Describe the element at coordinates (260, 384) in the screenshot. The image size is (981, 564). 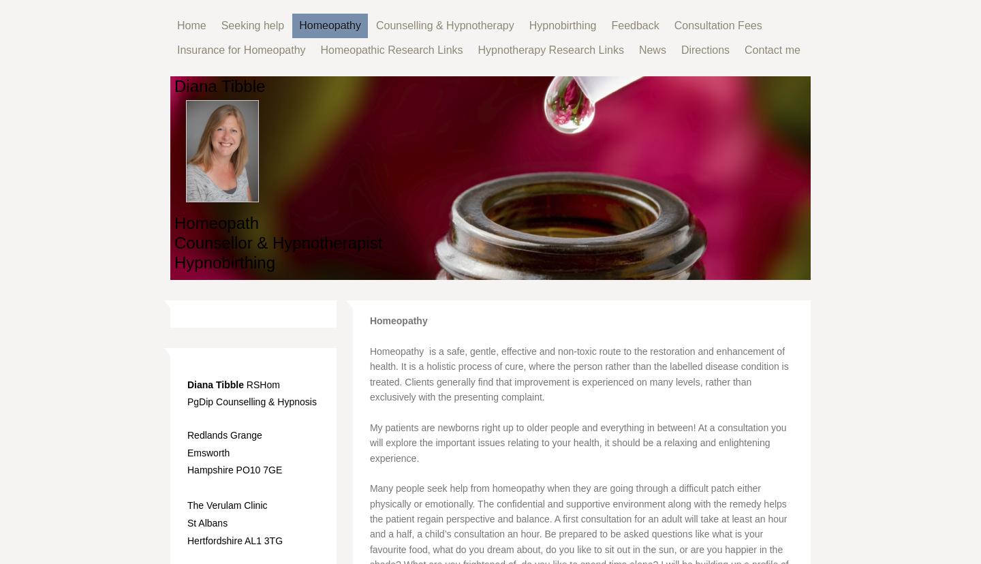
I see `'RSHom'` at that location.